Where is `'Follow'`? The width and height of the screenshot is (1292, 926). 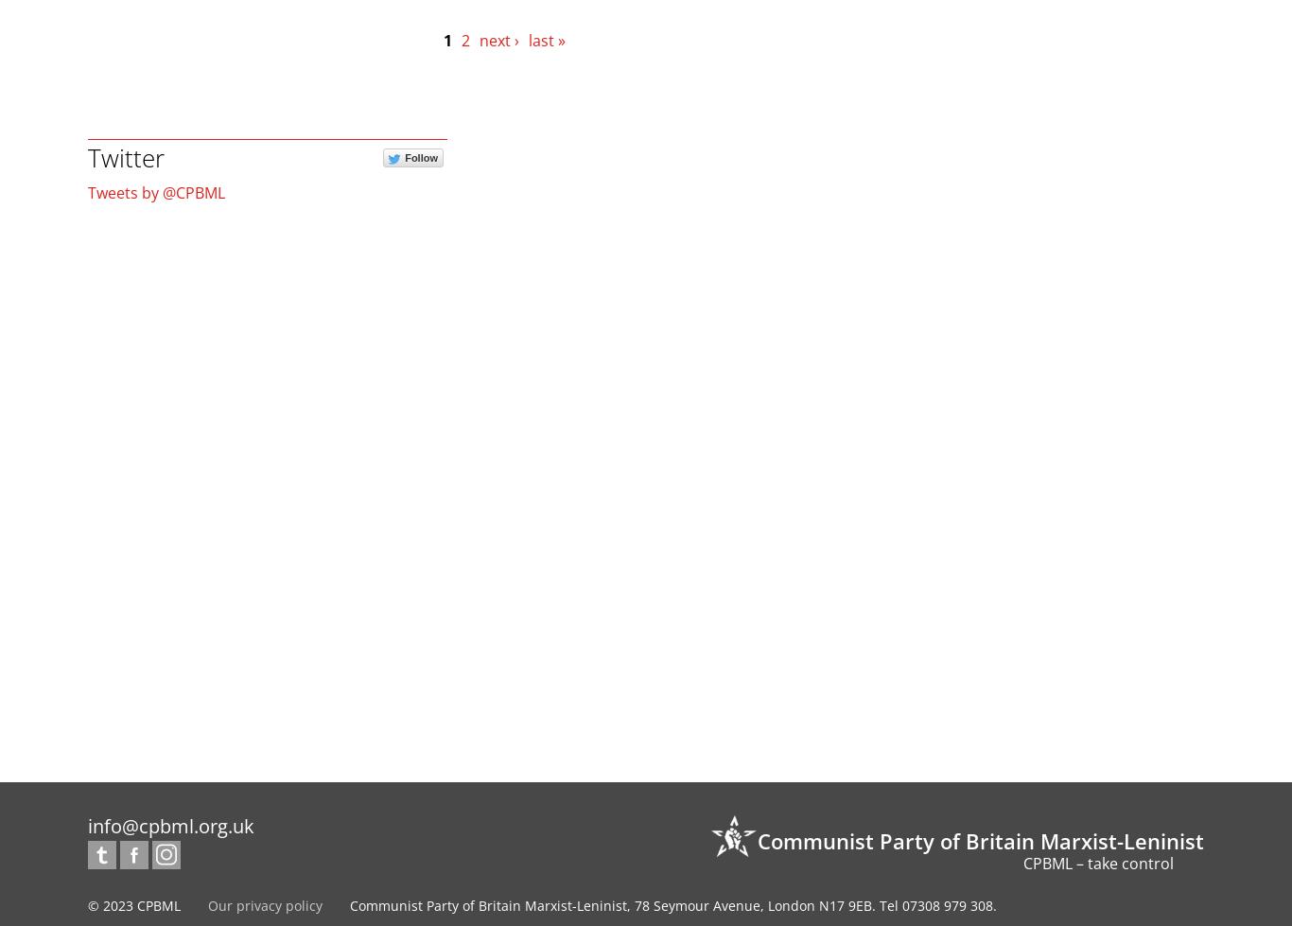
'Follow' is located at coordinates (420, 157).